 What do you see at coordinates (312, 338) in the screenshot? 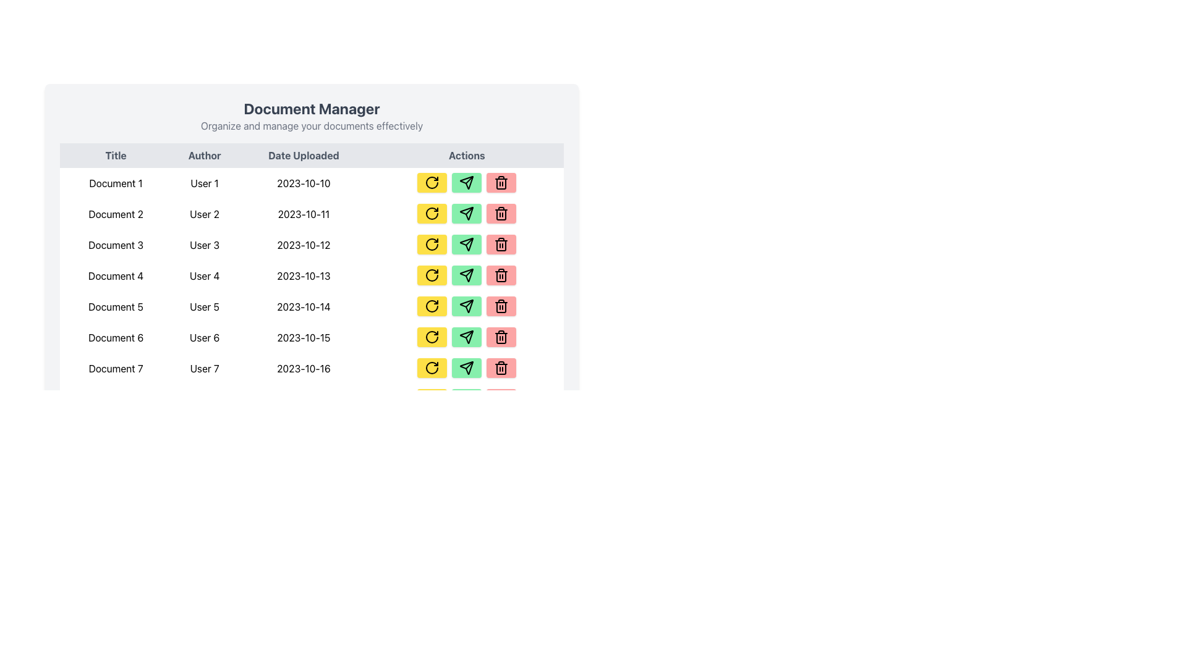
I see `the 6th row of the document entry table` at bounding box center [312, 338].